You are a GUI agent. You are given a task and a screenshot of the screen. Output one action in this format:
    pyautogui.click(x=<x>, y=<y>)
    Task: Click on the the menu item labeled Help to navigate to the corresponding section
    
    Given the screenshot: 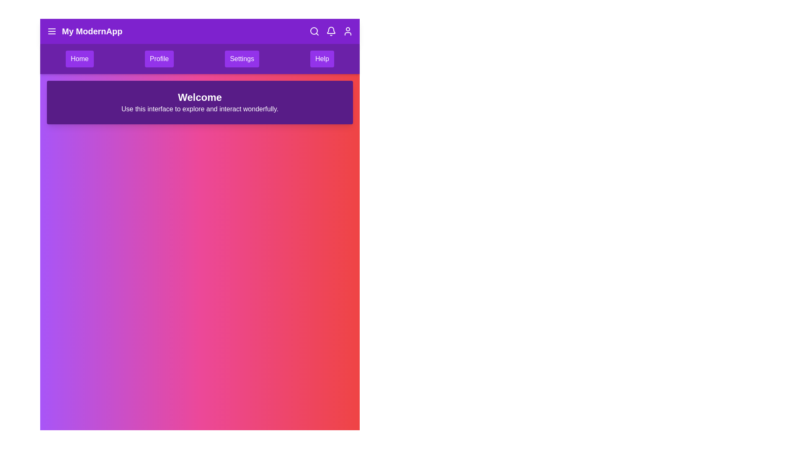 What is the action you would take?
    pyautogui.click(x=321, y=59)
    